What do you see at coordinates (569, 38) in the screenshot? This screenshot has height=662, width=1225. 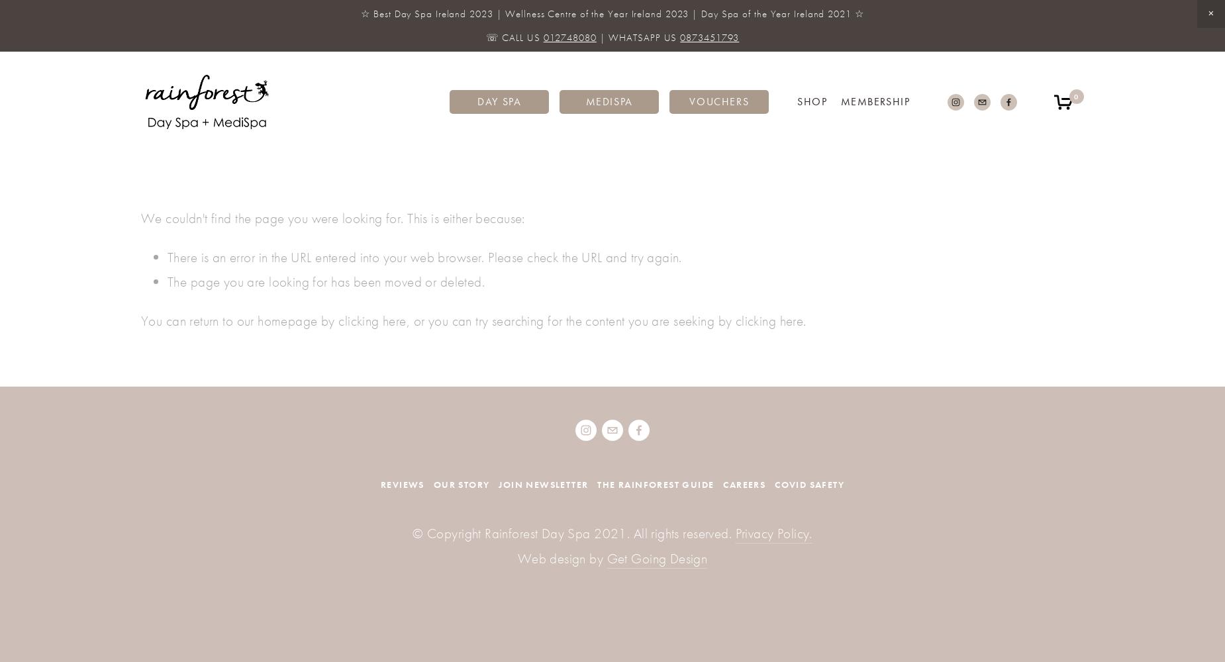 I see `'012748080'` at bounding box center [569, 38].